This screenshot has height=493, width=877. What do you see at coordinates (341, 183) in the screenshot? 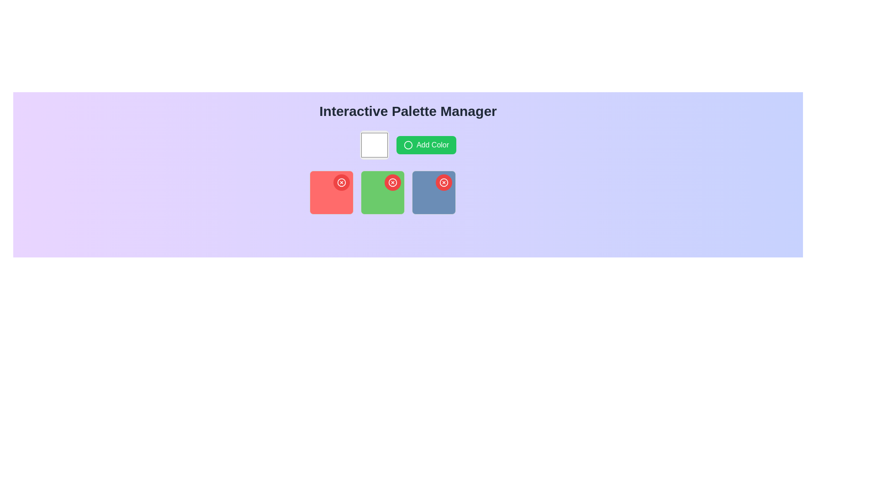
I see `the clickable button located at the top-right corner of the red square box` at bounding box center [341, 183].